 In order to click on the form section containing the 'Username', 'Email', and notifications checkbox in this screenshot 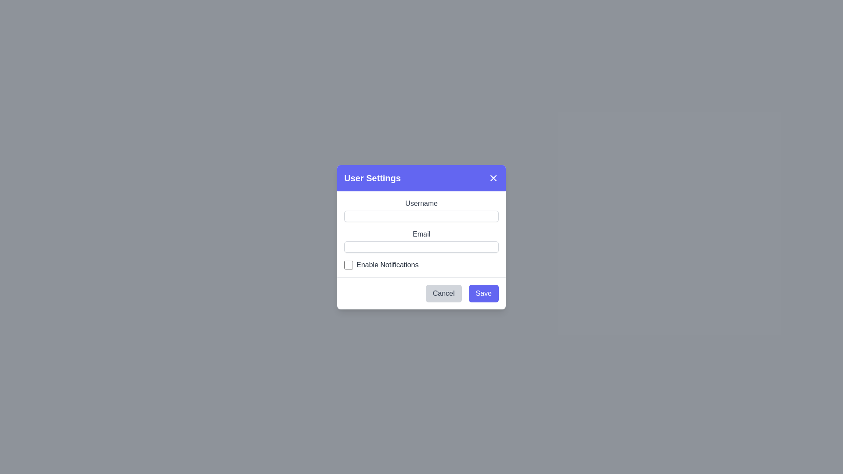, I will do `click(421, 233)`.